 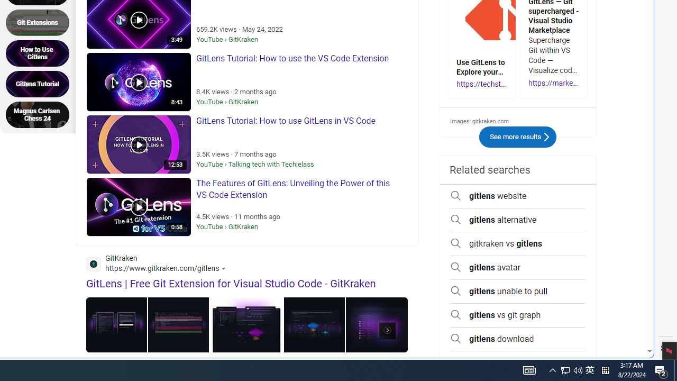 I want to click on 'Images: gitkraken.com', so click(x=518, y=120).